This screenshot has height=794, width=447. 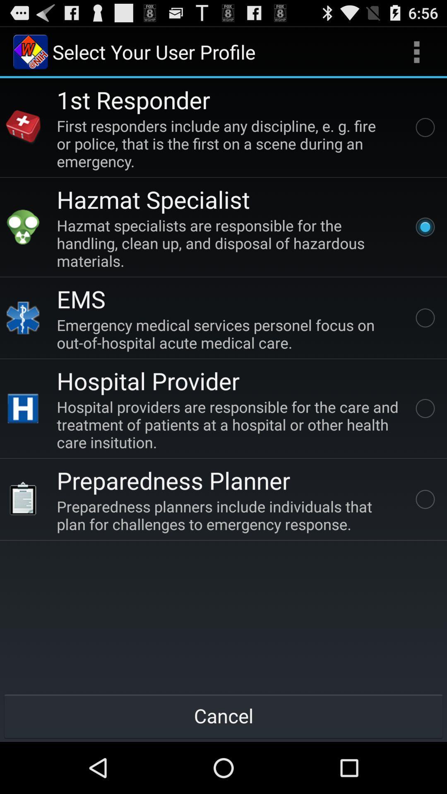 What do you see at coordinates (229, 515) in the screenshot?
I see `button above the cancel button` at bounding box center [229, 515].